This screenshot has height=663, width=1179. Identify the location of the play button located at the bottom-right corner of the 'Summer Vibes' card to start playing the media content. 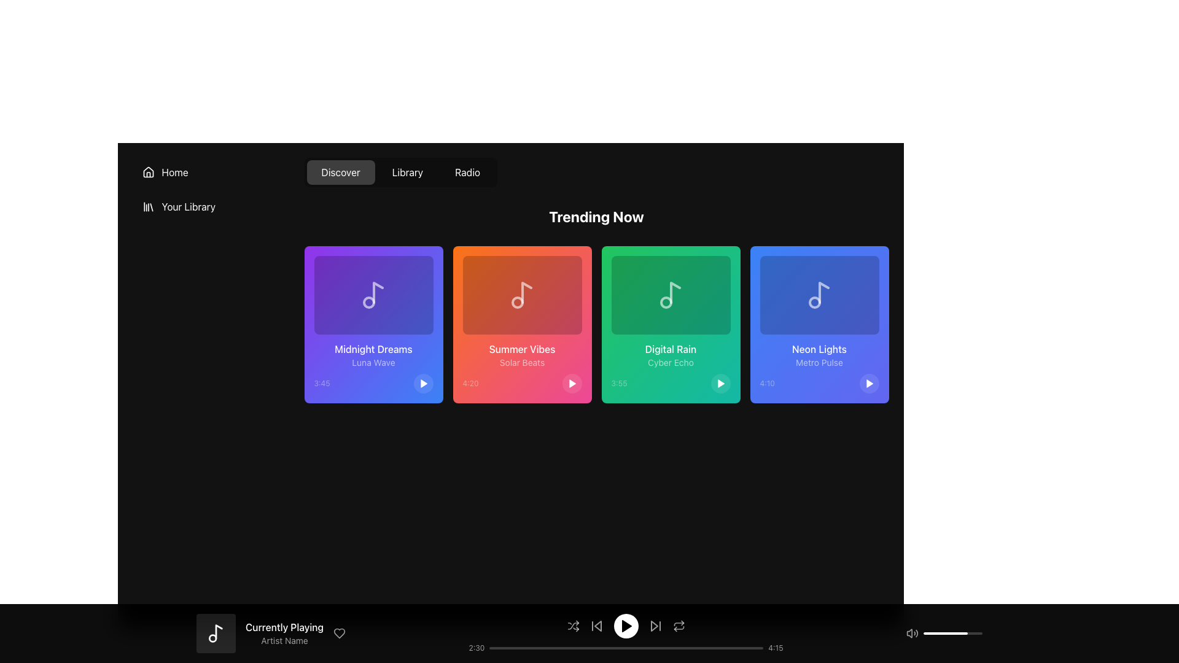
(571, 382).